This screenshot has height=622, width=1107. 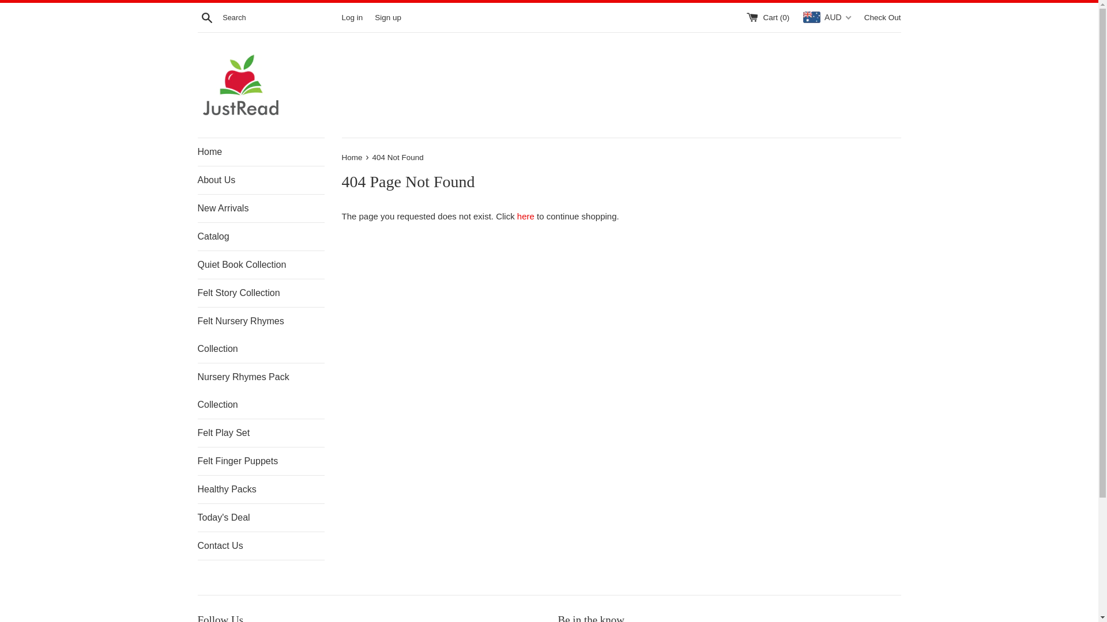 I want to click on 'Felt Finger Puppets', so click(x=197, y=461).